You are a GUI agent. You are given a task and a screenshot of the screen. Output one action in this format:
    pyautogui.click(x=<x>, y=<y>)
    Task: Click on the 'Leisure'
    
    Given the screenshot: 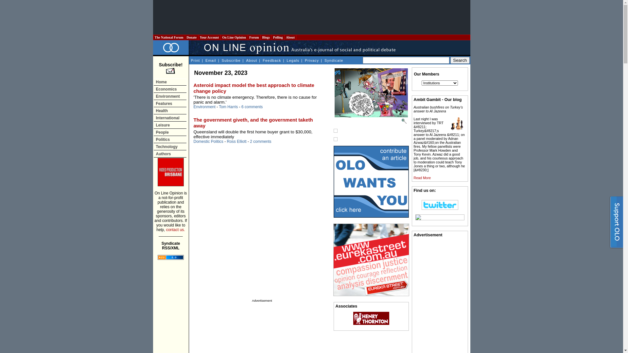 What is the action you would take?
    pyautogui.click(x=153, y=125)
    